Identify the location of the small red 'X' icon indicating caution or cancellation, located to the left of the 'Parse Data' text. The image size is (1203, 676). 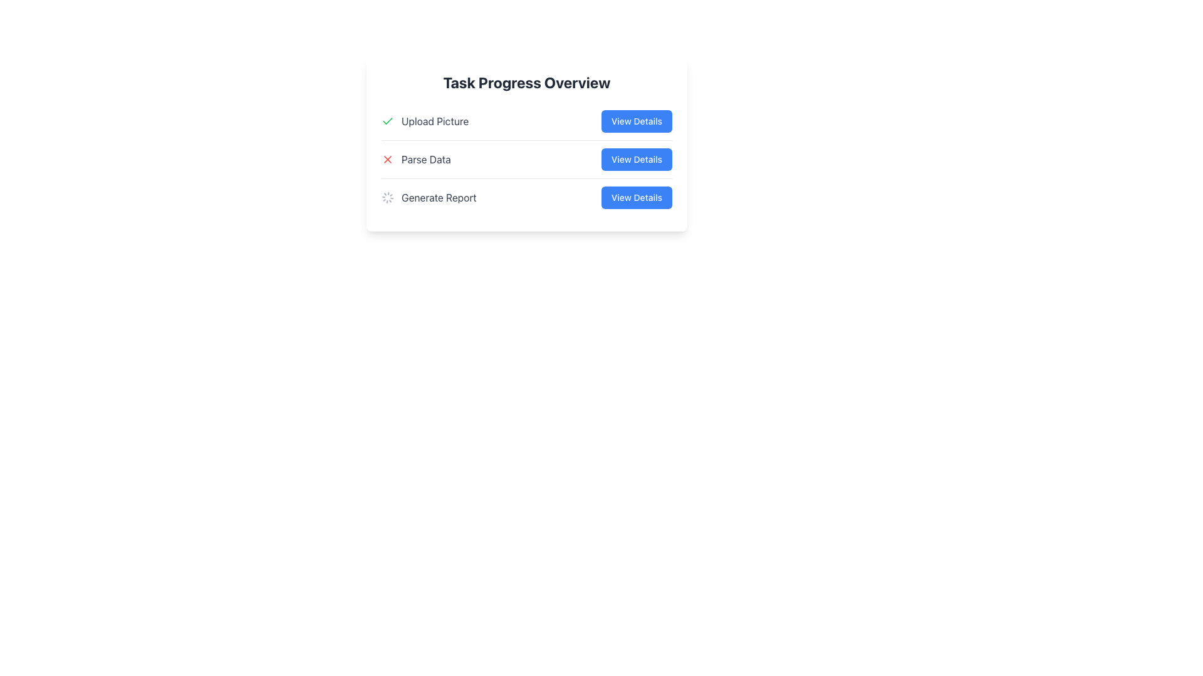
(387, 158).